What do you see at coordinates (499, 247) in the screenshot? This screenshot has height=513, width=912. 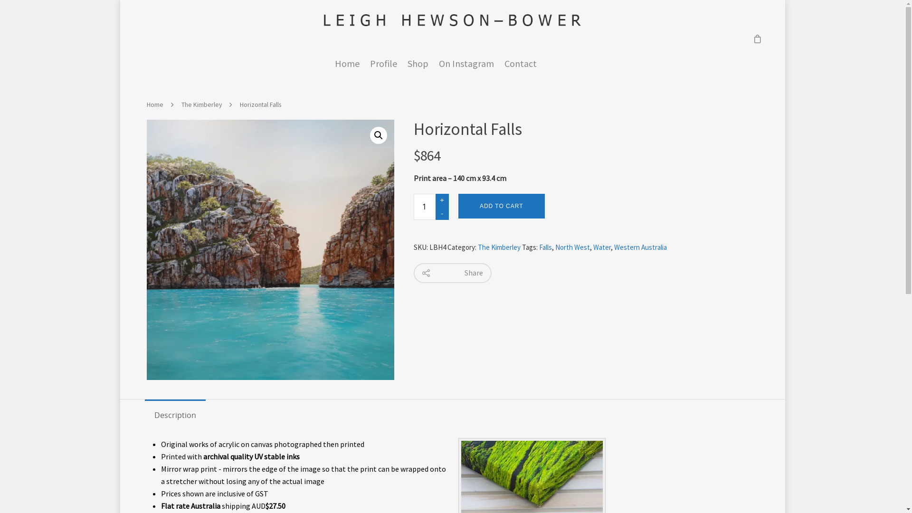 I see `'The Kimberley'` at bounding box center [499, 247].